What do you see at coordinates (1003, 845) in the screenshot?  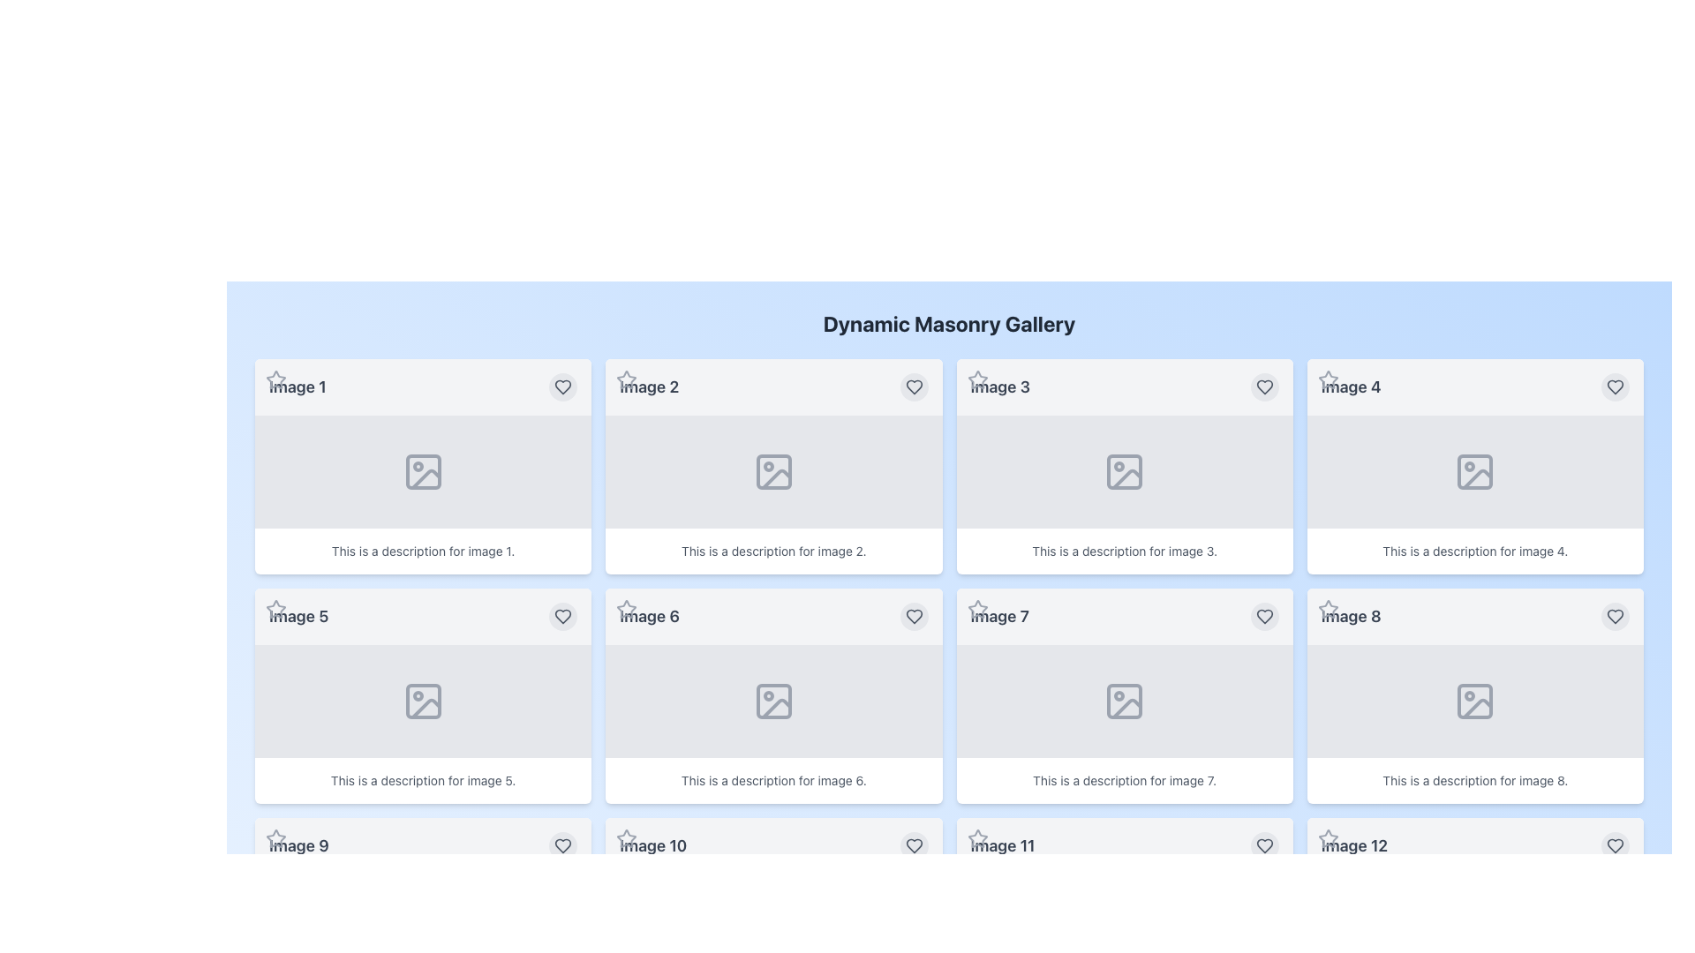 I see `the text 'Image 11' from the static text label displayed in a large, bold, gray font located at the top-left corner of the card interface in the bottom-left corner of the 3rd row and 1st column of the layout` at bounding box center [1003, 845].